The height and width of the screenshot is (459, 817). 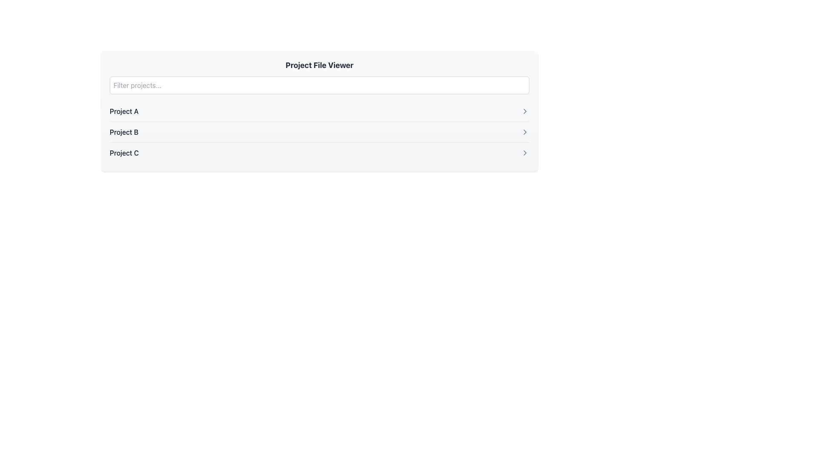 What do you see at coordinates (319, 152) in the screenshot?
I see `the third item in the list related to 'Project C'` at bounding box center [319, 152].